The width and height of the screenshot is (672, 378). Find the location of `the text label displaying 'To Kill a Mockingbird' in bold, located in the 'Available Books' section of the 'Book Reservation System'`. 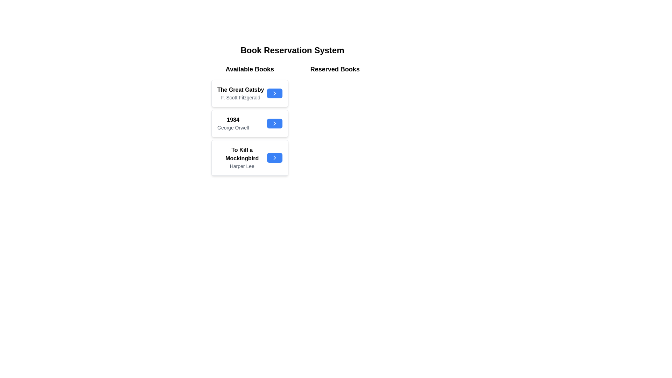

the text label displaying 'To Kill a Mockingbird' in bold, located in the 'Available Books' section of the 'Book Reservation System' is located at coordinates (242, 154).